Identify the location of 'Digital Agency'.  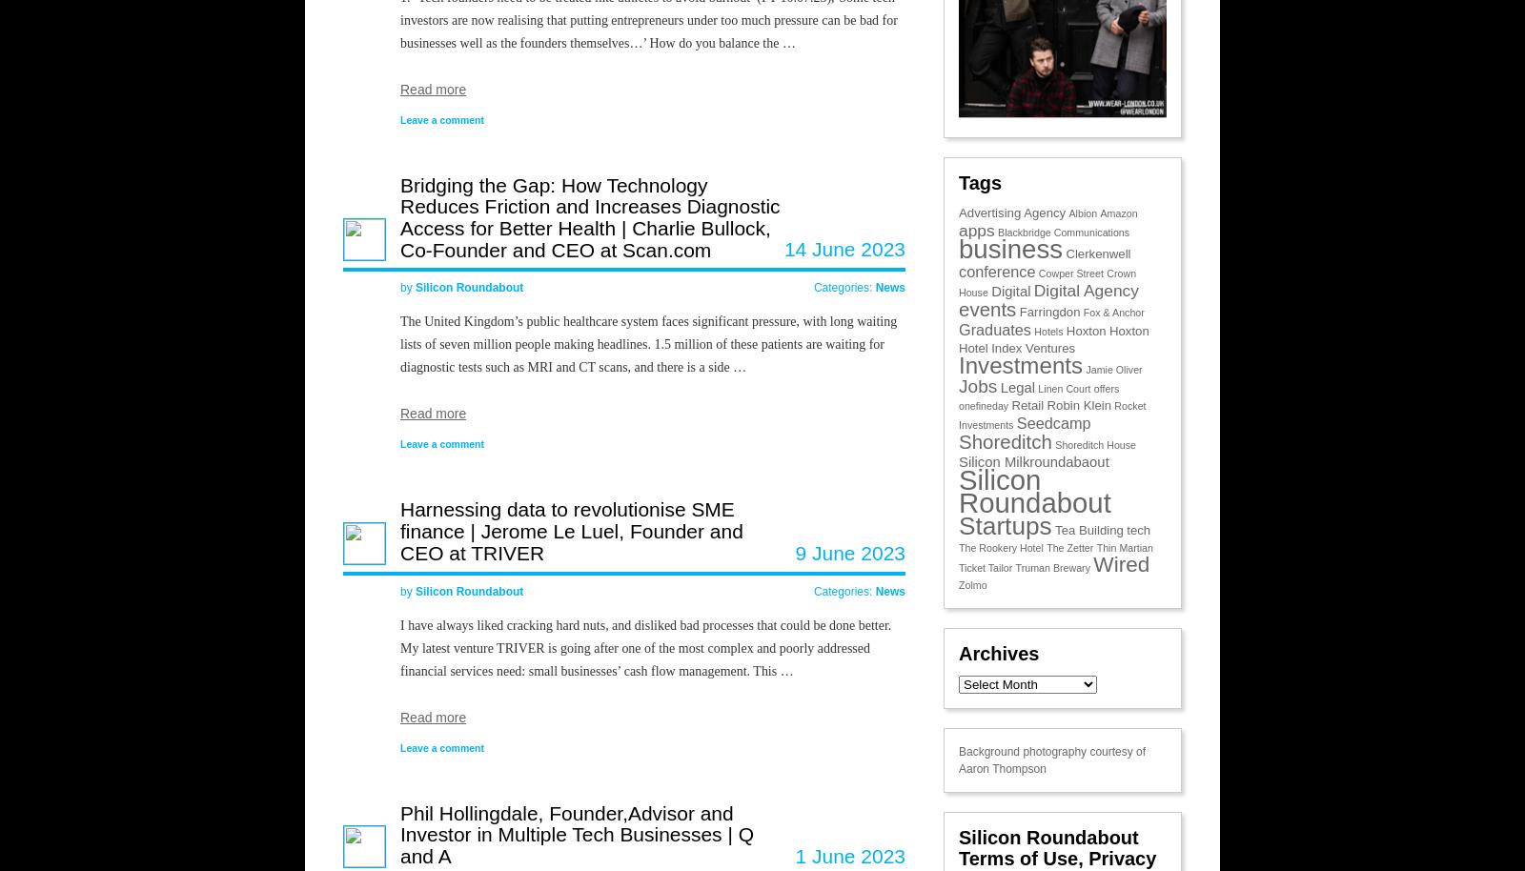
(1086, 289).